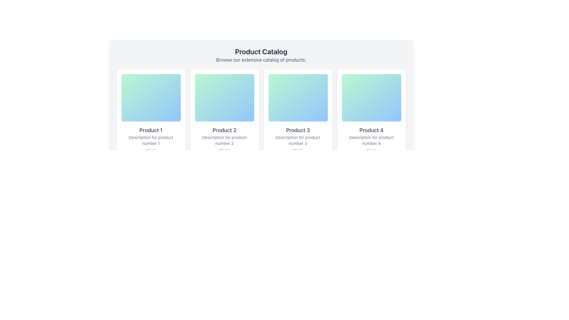 Image resolution: width=569 pixels, height=320 pixels. What do you see at coordinates (224, 150) in the screenshot?
I see `the text label displaying '#Cat2' in light gray color, located below the descriptive text of the 'Product 2' card` at bounding box center [224, 150].